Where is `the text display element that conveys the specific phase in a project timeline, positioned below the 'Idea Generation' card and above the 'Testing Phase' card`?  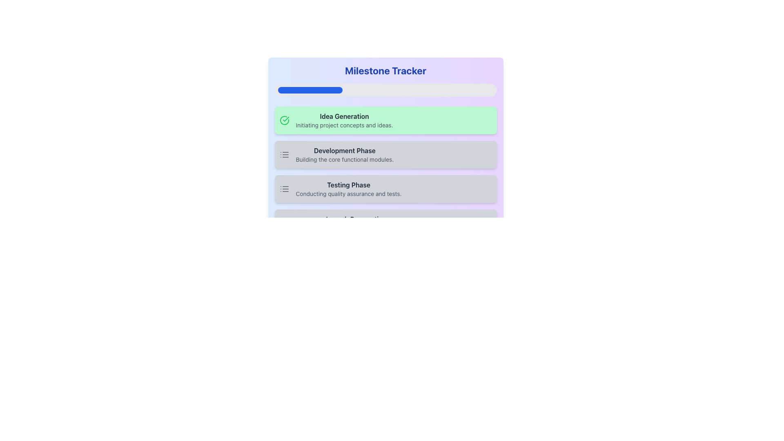
the text display element that conveys the specific phase in a project timeline, positioned below the 'Idea Generation' card and above the 'Testing Phase' card is located at coordinates (345, 154).